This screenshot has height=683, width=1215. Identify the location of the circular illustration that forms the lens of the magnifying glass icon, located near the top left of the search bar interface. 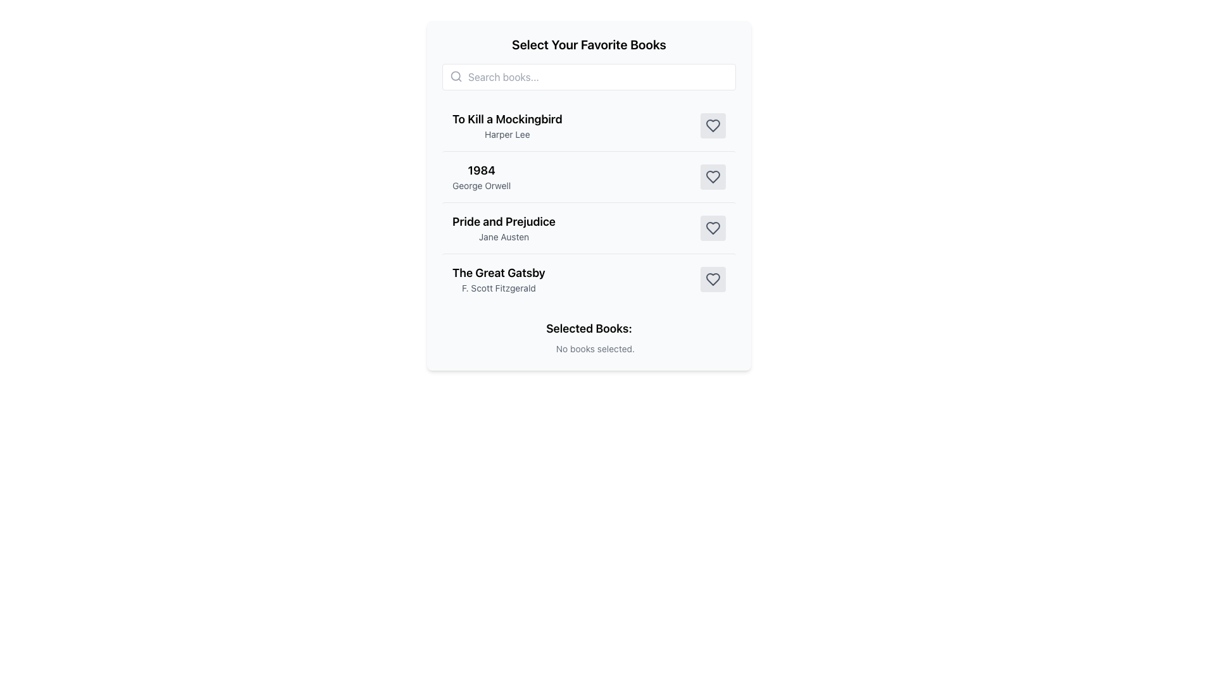
(456, 76).